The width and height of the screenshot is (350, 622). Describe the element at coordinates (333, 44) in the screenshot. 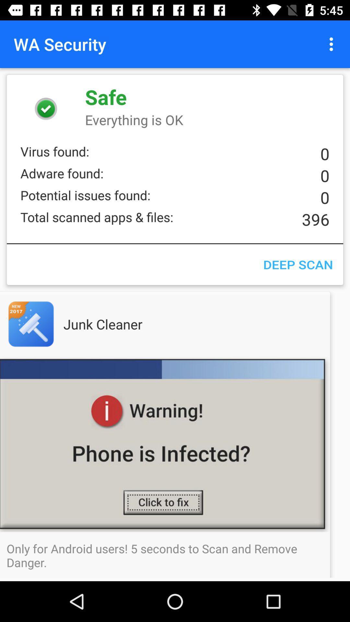

I see `icon to the right of the wa security item` at that location.